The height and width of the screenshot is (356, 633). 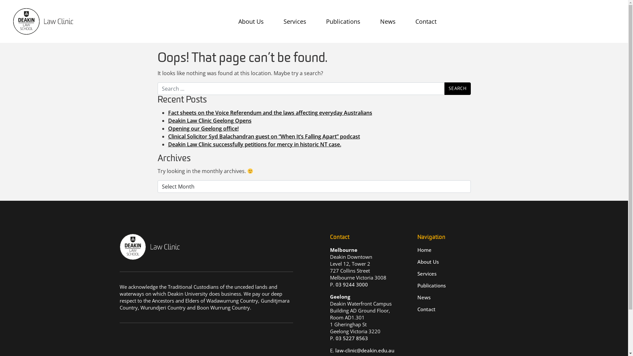 I want to click on 'Contact', so click(x=426, y=309).